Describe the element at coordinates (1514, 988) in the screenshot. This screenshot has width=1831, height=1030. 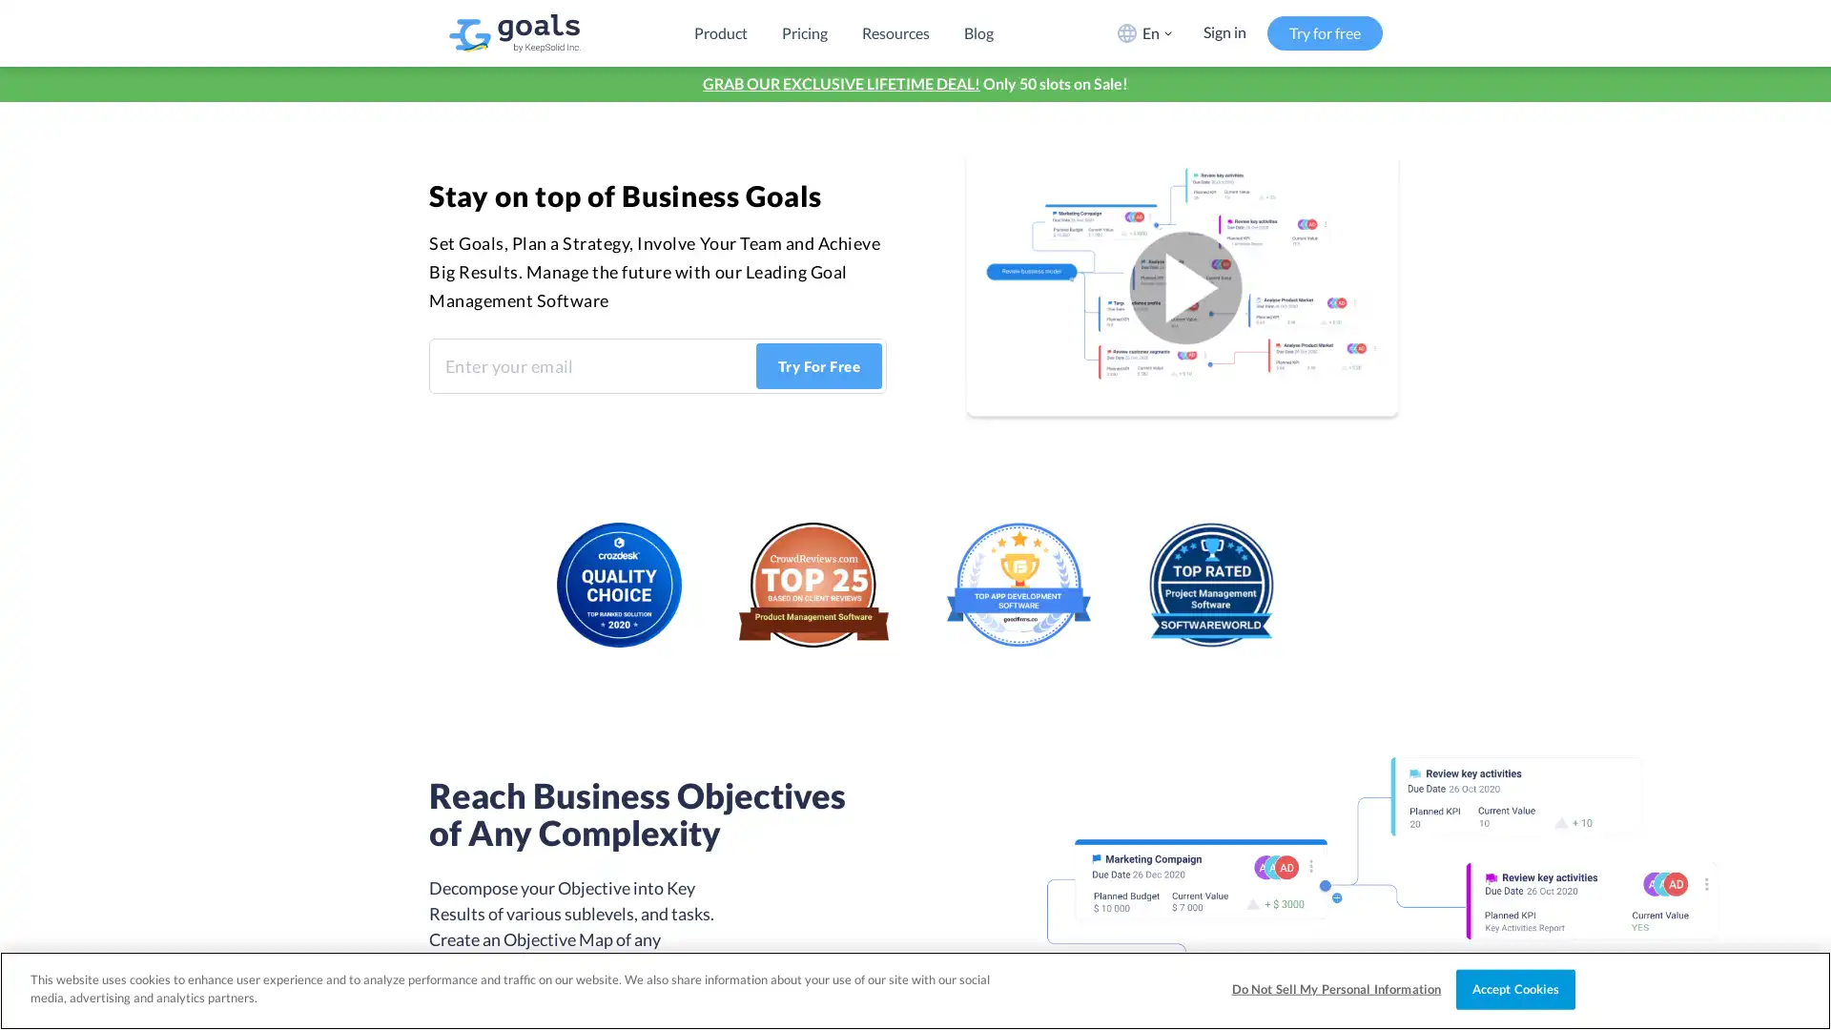
I see `Accept Cookies` at that location.